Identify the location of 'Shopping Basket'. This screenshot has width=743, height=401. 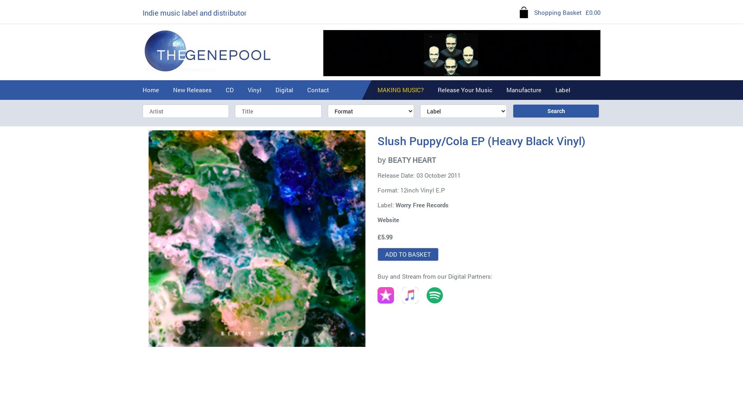
(557, 12).